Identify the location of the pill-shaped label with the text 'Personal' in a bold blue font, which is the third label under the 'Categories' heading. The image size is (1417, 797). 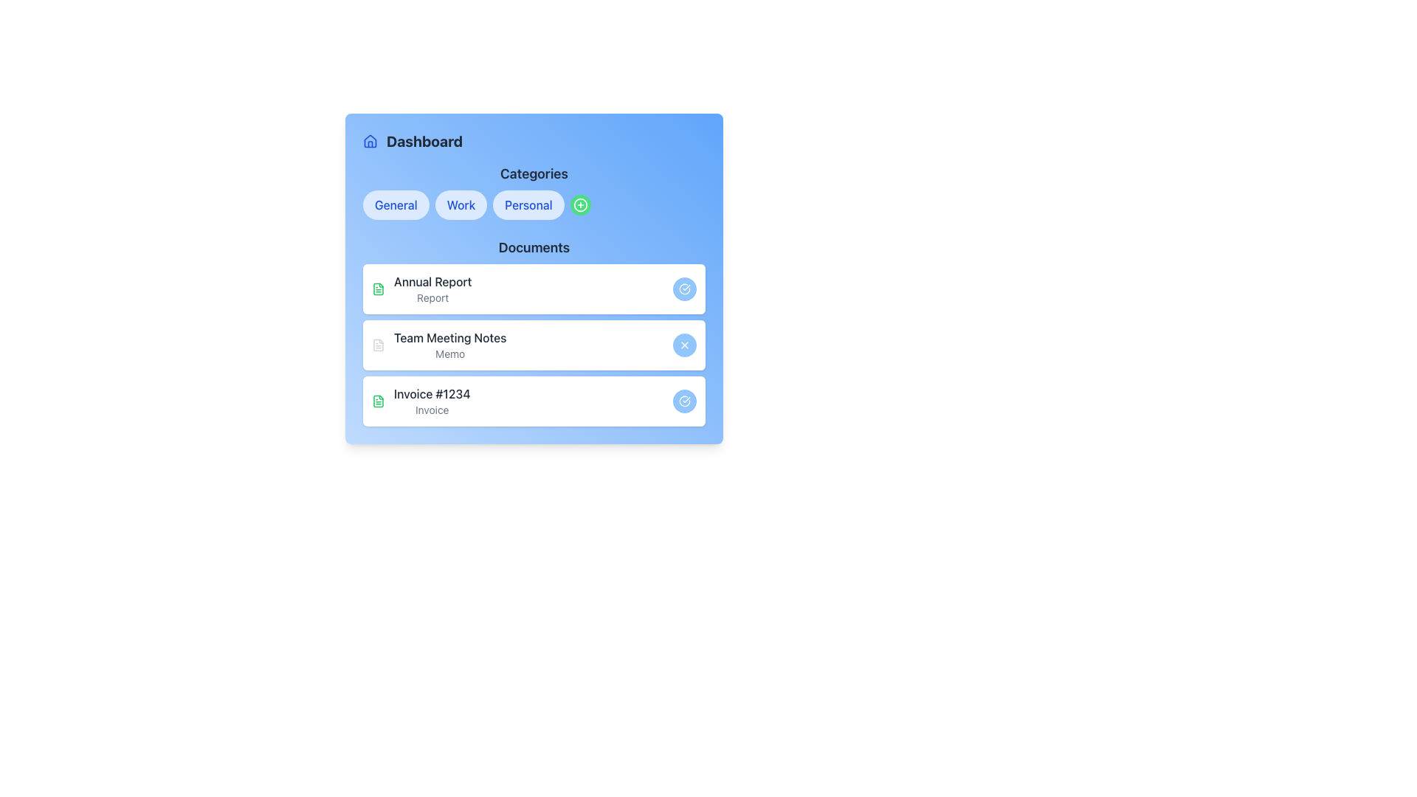
(528, 204).